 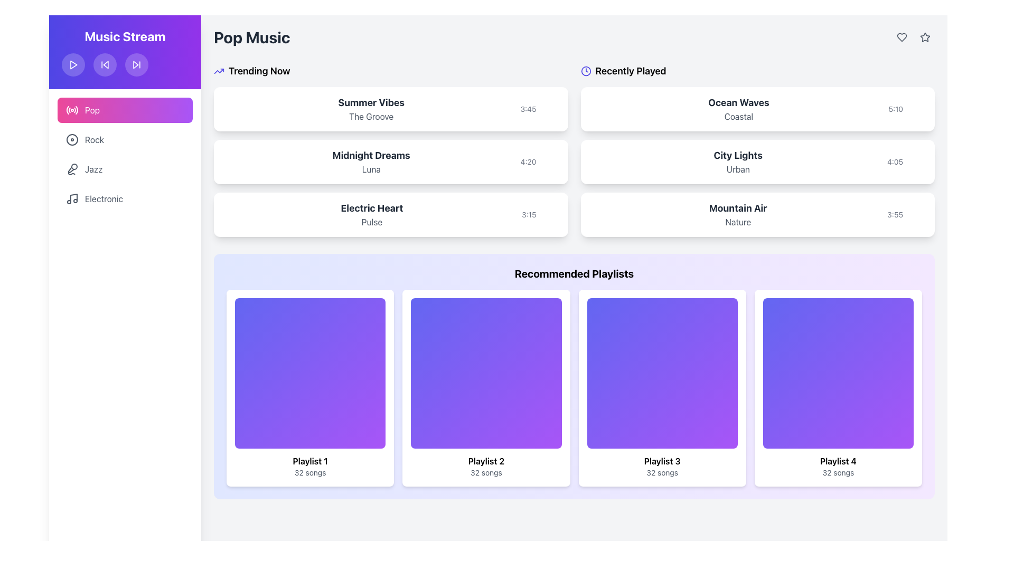 I want to click on the play button located at the upper section of the sidebar, so click(x=73, y=65).